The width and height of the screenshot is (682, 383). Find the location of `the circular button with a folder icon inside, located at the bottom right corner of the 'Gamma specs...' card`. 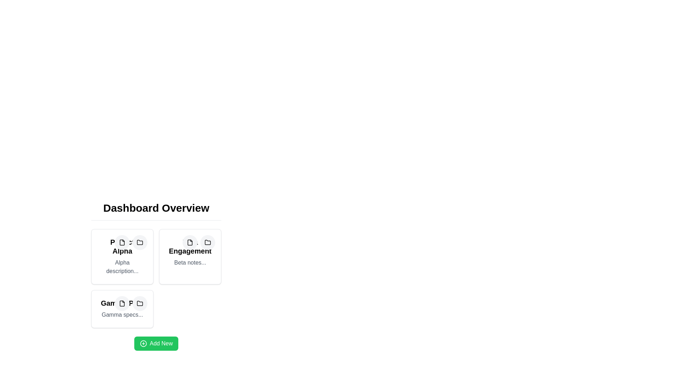

the circular button with a folder icon inside, located at the bottom right corner of the 'Gamma specs...' card is located at coordinates (140, 303).